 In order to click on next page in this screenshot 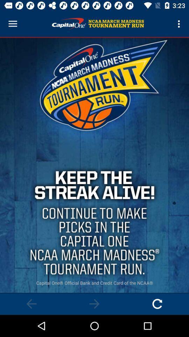, I will do `click(94, 303)`.